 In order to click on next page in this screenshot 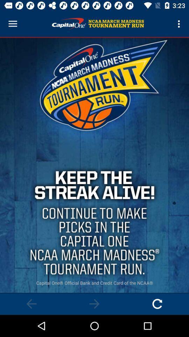, I will do `click(94, 303)`.